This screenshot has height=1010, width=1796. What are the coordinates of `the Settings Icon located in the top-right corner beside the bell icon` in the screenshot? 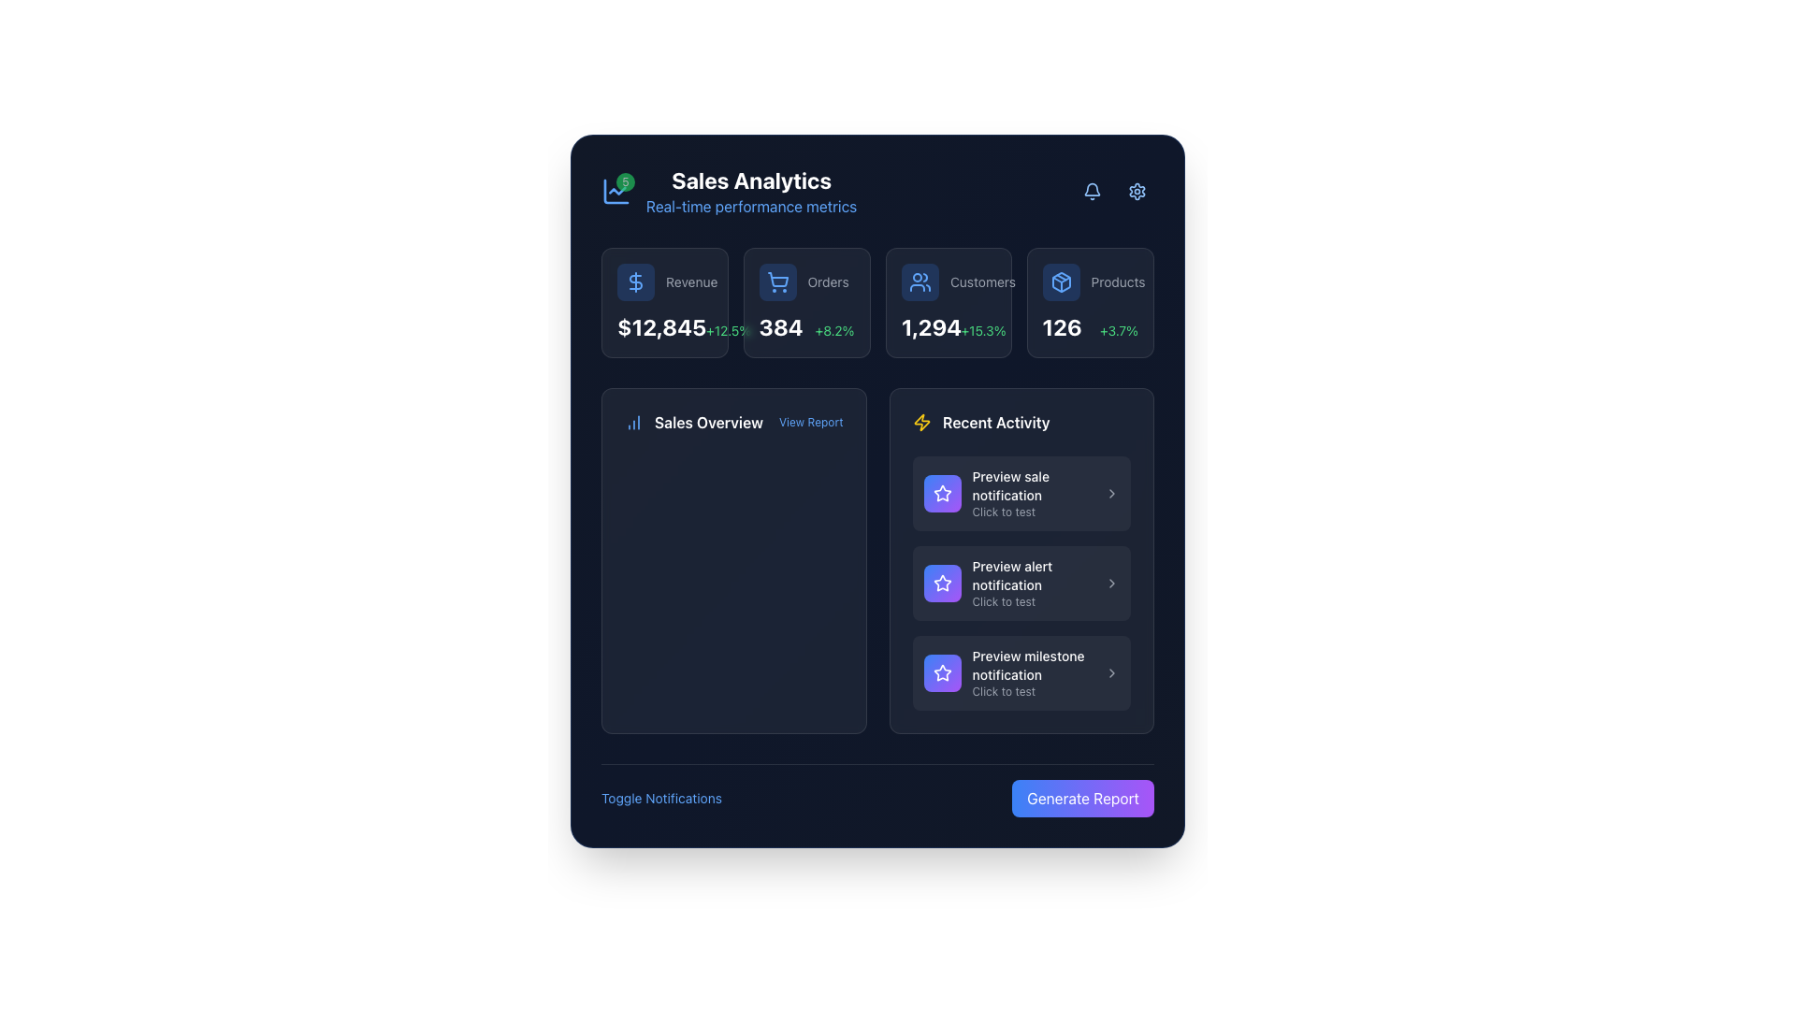 It's located at (1136, 191).